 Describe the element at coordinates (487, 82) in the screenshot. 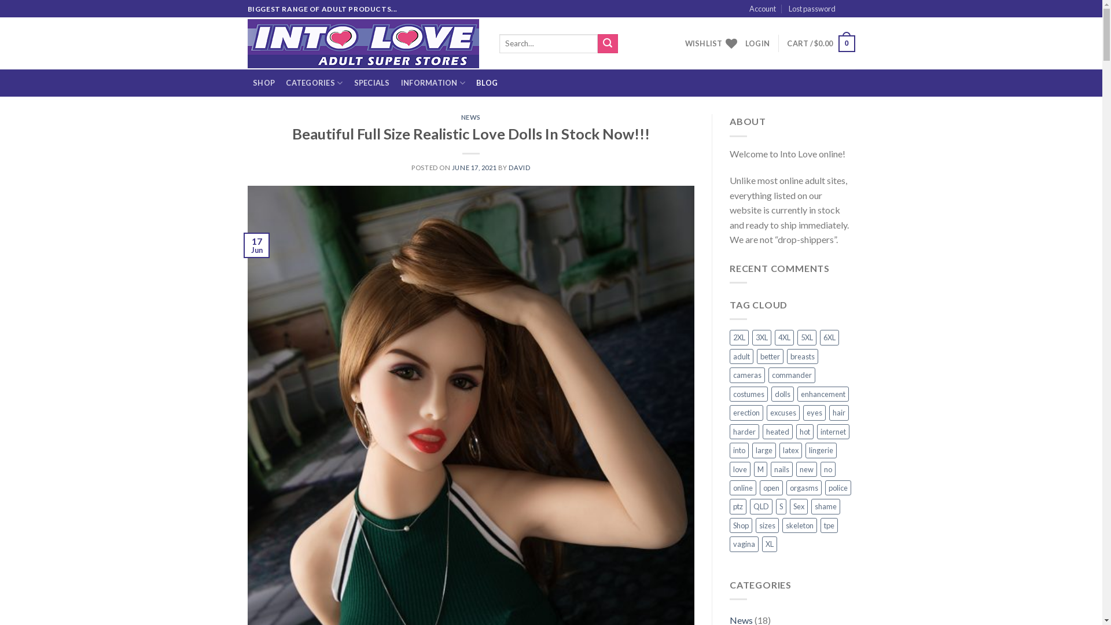

I see `'BLOG'` at that location.